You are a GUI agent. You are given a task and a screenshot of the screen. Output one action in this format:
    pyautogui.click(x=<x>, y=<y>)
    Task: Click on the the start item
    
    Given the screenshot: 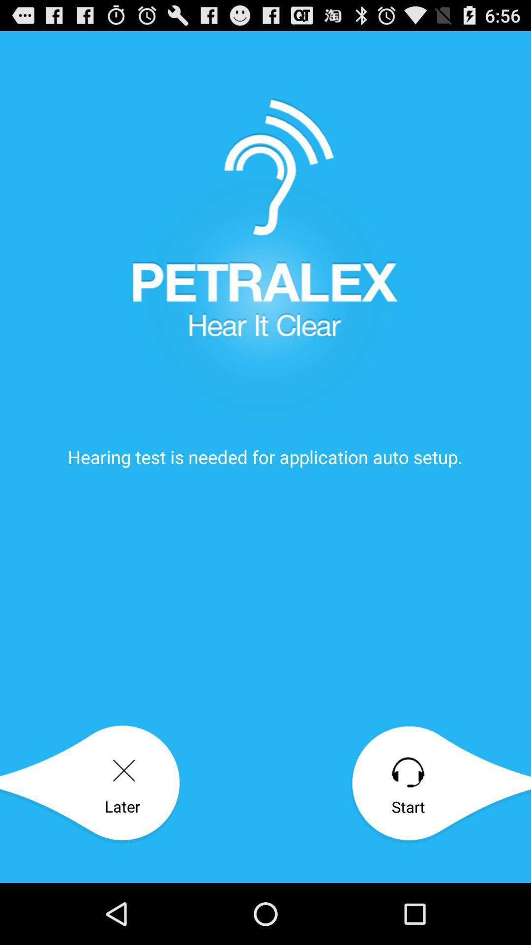 What is the action you would take?
    pyautogui.click(x=440, y=784)
    